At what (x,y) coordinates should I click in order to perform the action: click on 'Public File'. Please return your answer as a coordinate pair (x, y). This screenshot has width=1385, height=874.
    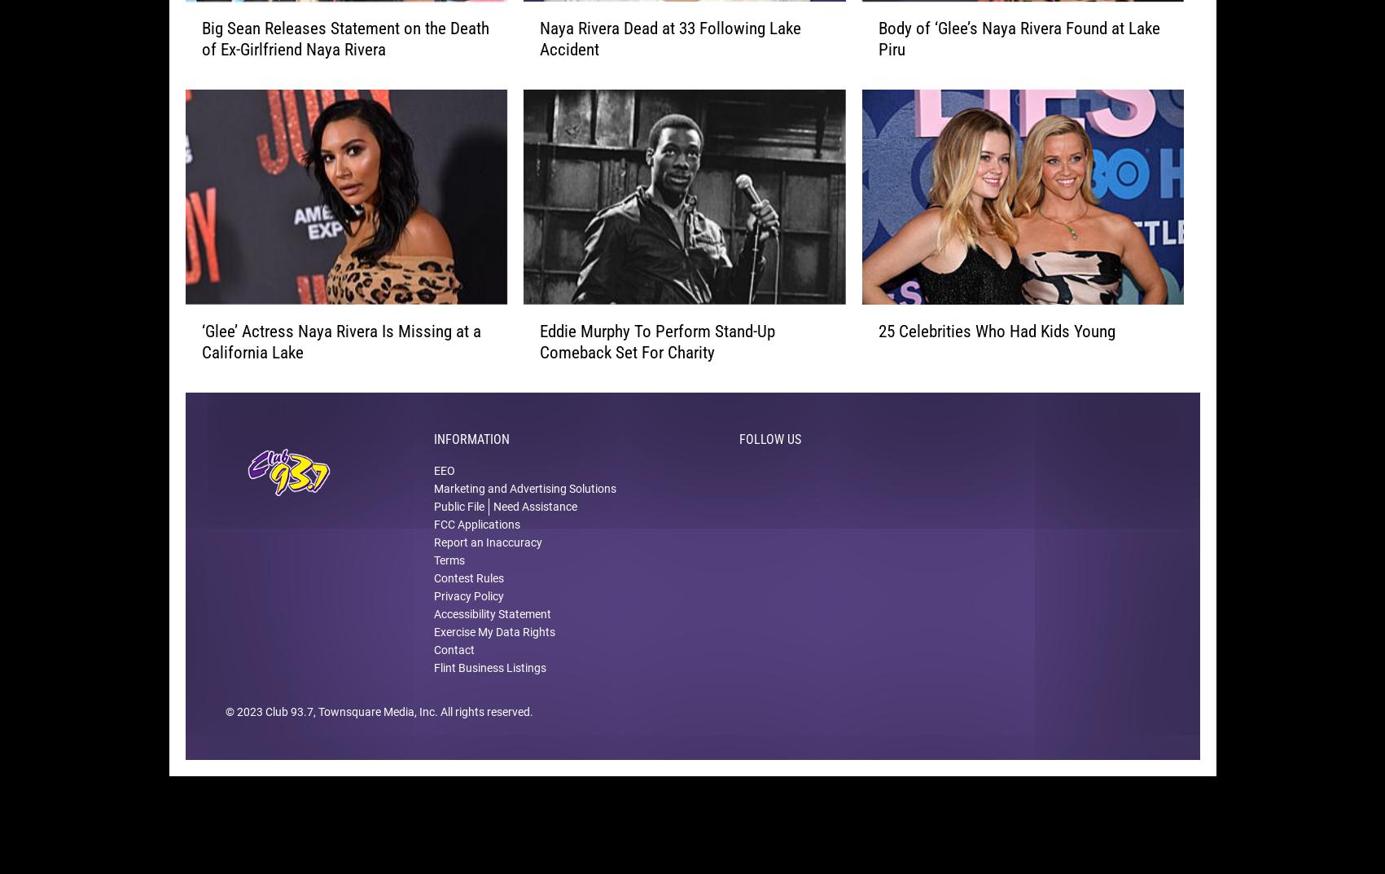
    Looking at the image, I should click on (433, 531).